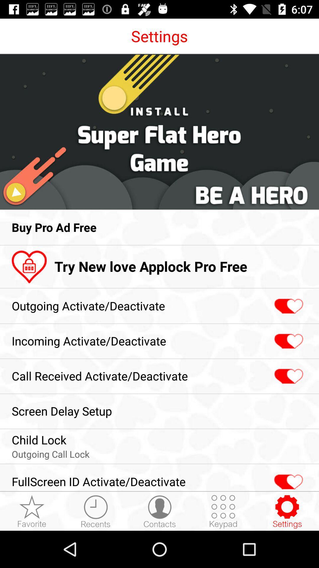 The image size is (319, 568). Describe the element at coordinates (95, 511) in the screenshot. I see `recent` at that location.